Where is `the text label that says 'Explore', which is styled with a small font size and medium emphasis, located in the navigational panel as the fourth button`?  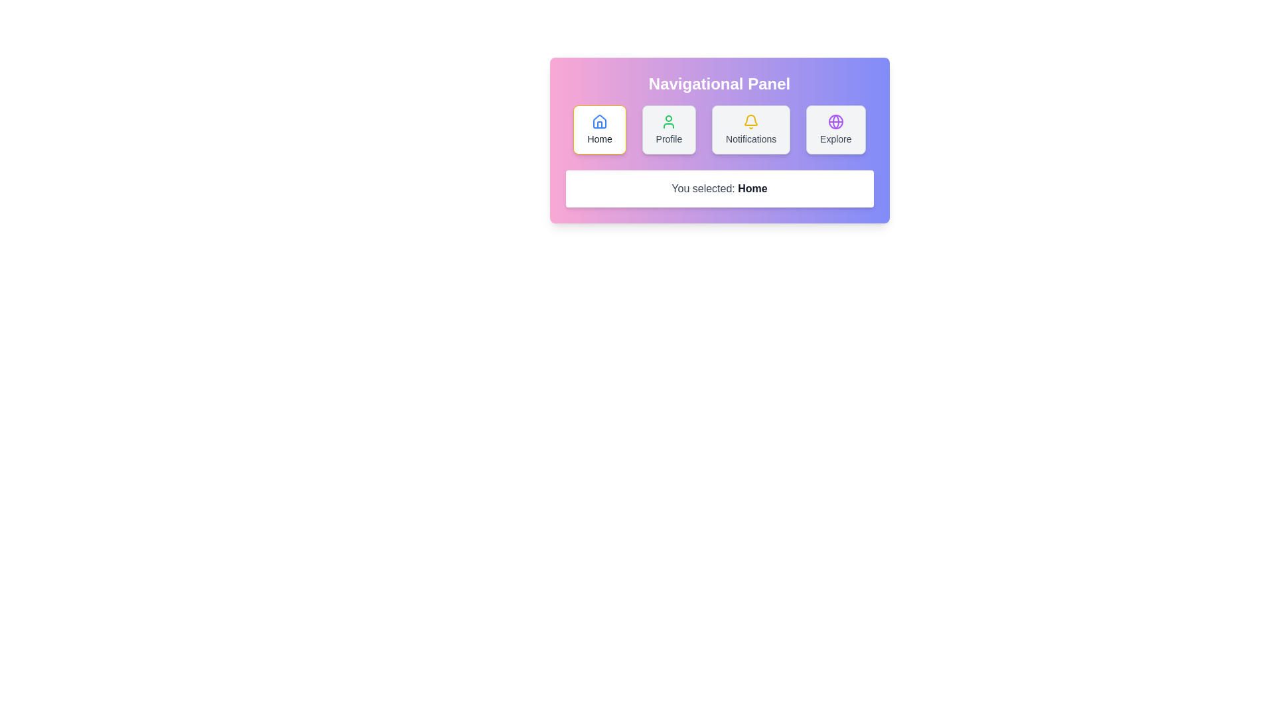
the text label that says 'Explore', which is styled with a small font size and medium emphasis, located in the navigational panel as the fourth button is located at coordinates (835, 139).